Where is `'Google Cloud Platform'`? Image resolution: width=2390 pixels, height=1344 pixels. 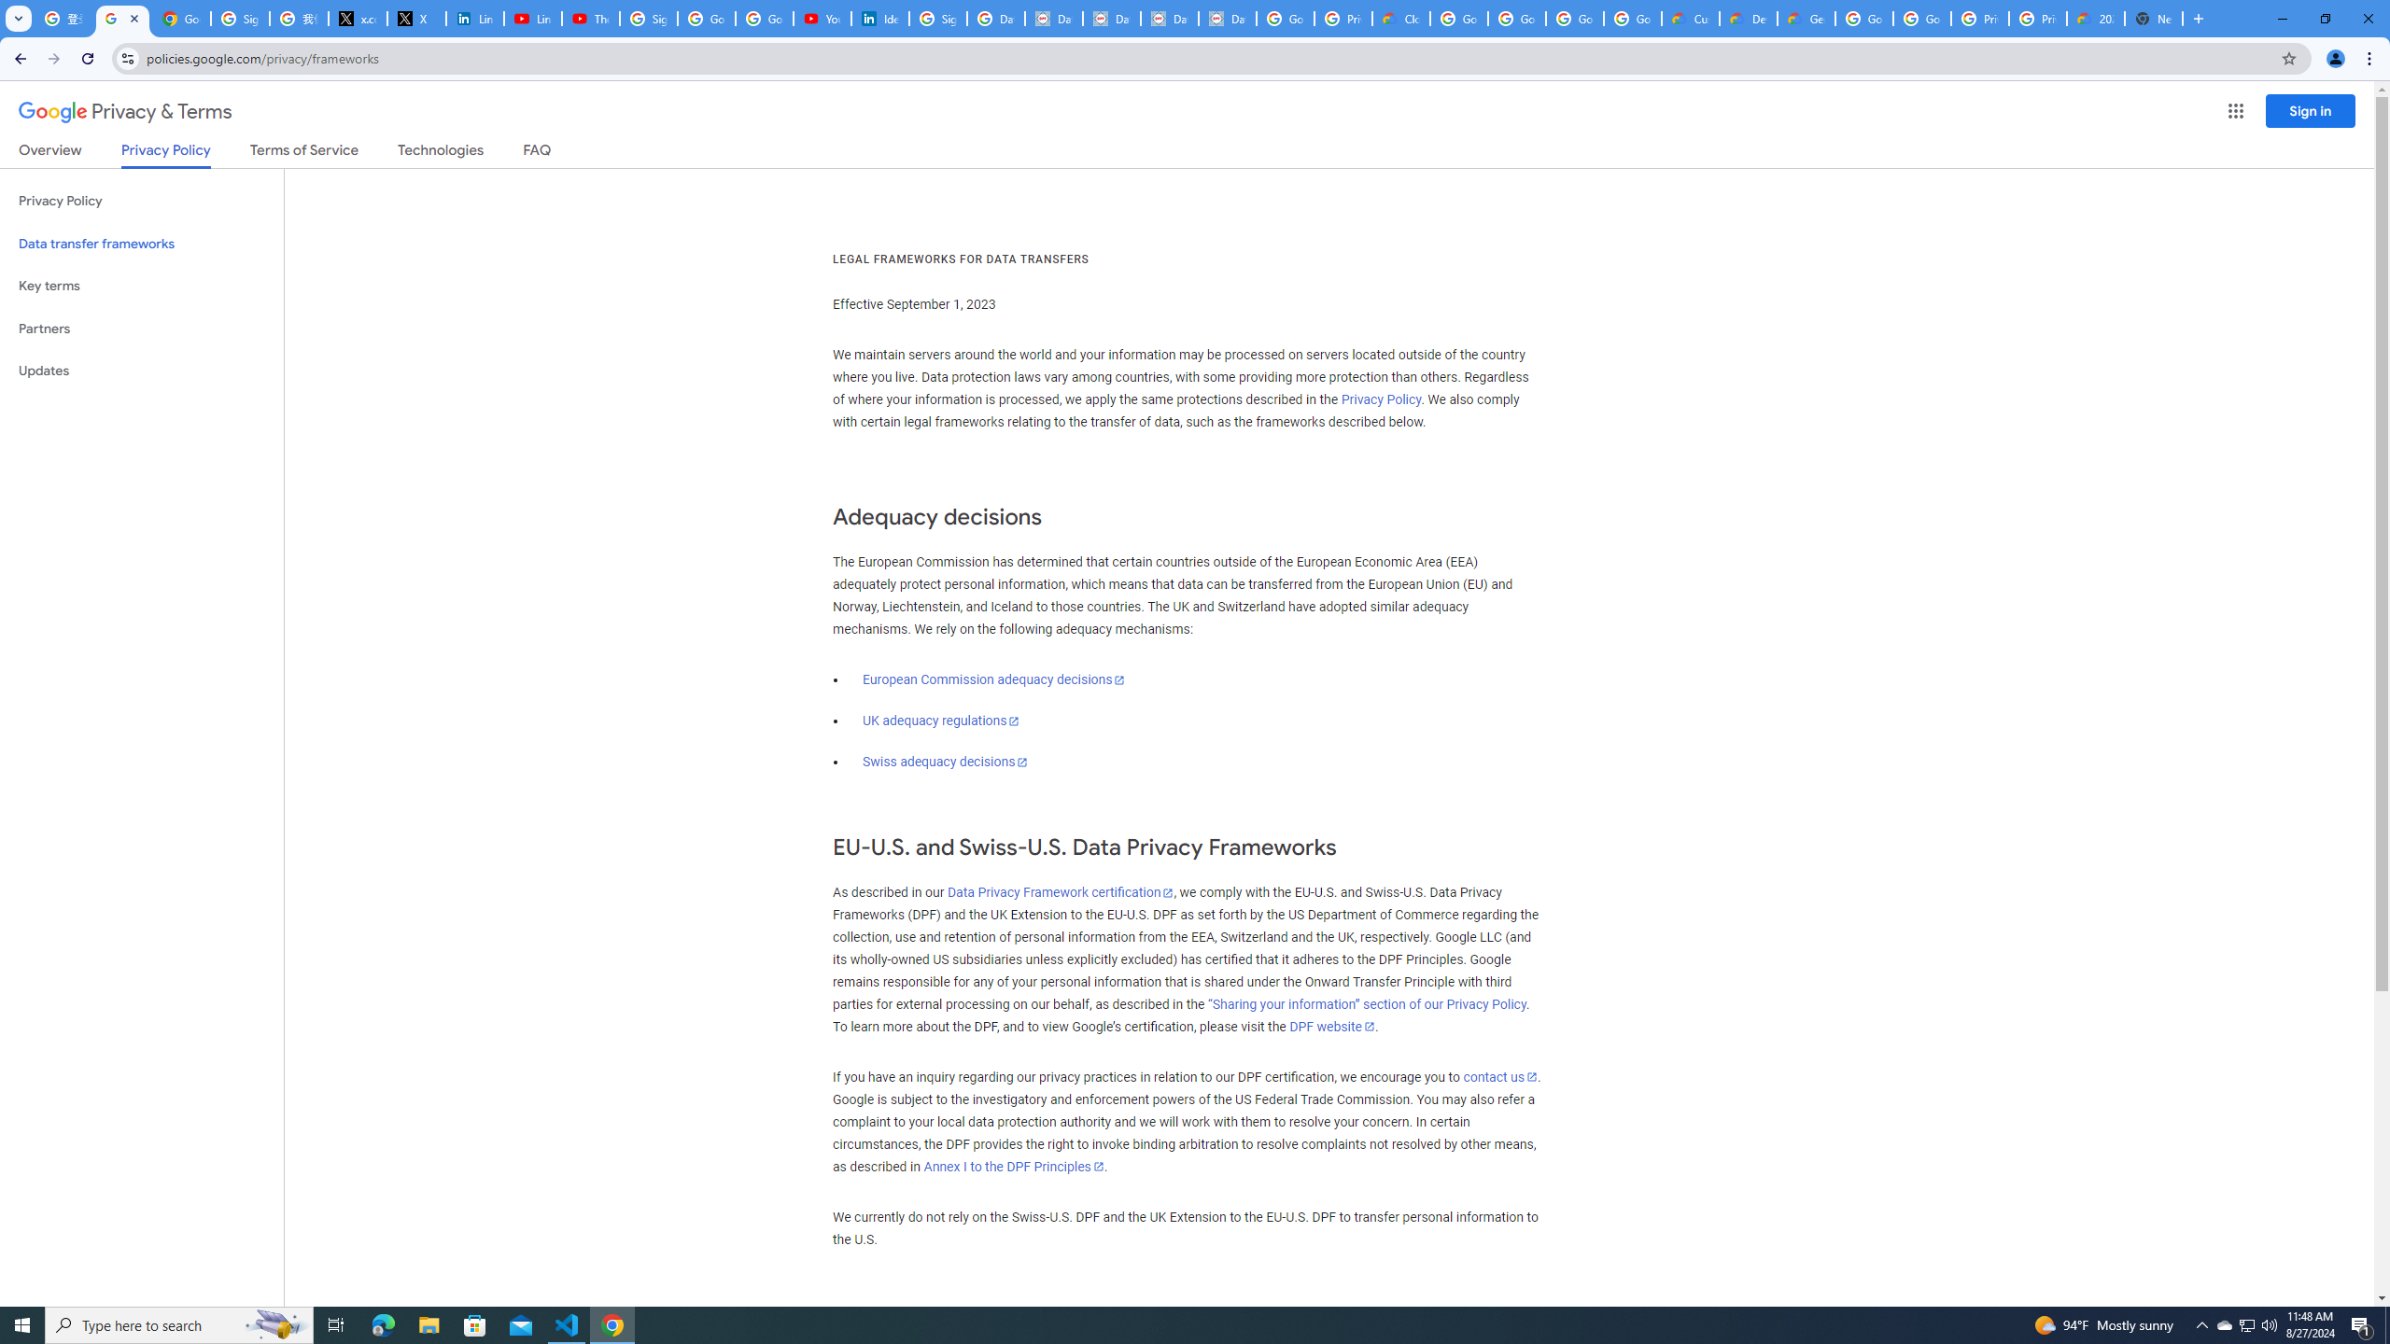
'Google Cloud Platform' is located at coordinates (1863, 18).